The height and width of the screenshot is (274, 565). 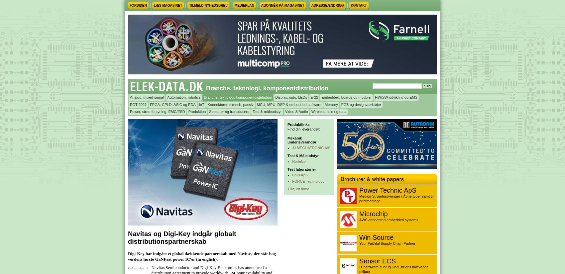 What do you see at coordinates (168, 5) in the screenshot?
I see `'Læs magasinet'` at bounding box center [168, 5].